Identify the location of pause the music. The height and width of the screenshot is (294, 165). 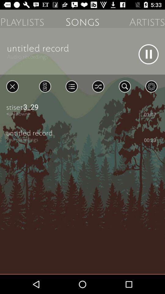
(148, 54).